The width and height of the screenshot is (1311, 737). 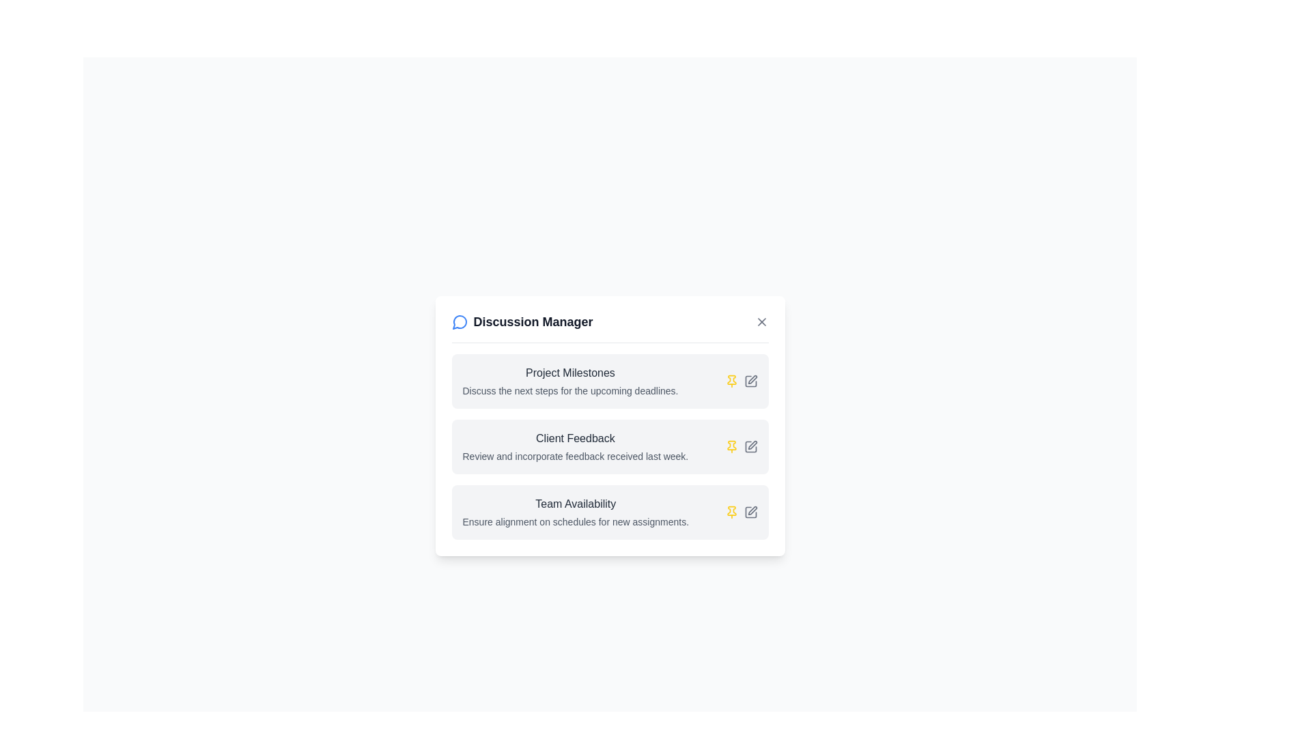 I want to click on the 'Pin' icon located in the bottom-right corner of the 'Team Availability' section within the 'Discussion Manager' interface to pin the associated discussion, so click(x=740, y=512).